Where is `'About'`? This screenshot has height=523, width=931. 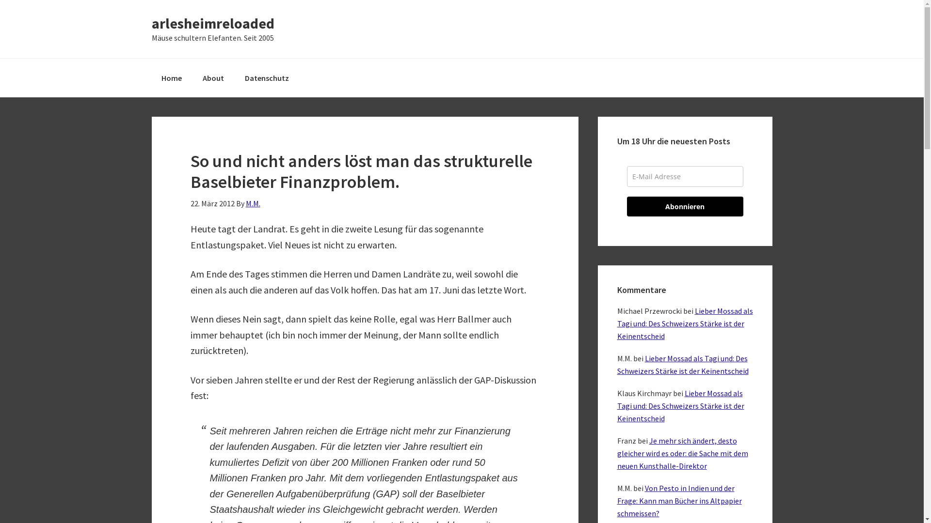 'About' is located at coordinates (213, 77).